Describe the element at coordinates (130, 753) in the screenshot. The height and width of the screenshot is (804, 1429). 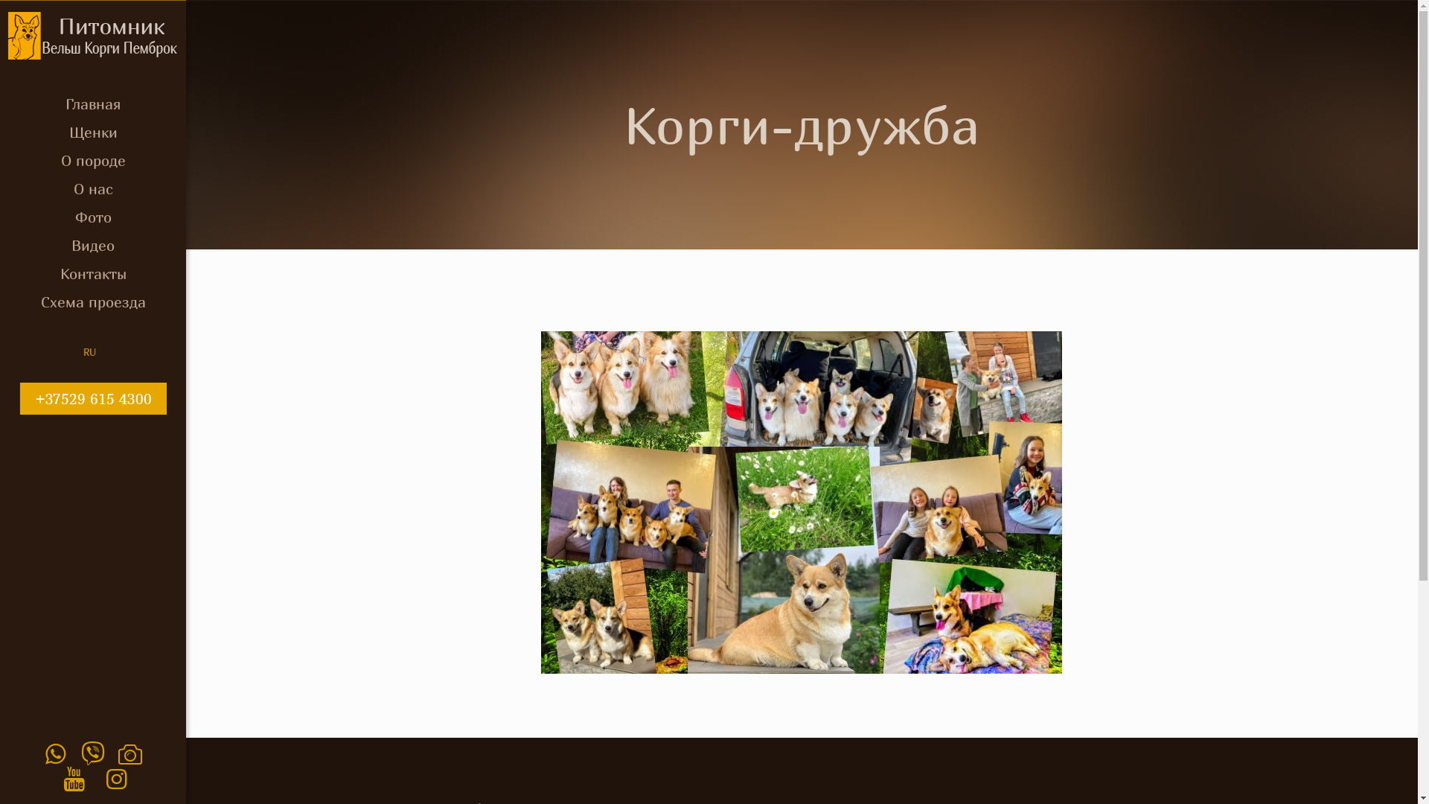
I see `'Google Photo'` at that location.